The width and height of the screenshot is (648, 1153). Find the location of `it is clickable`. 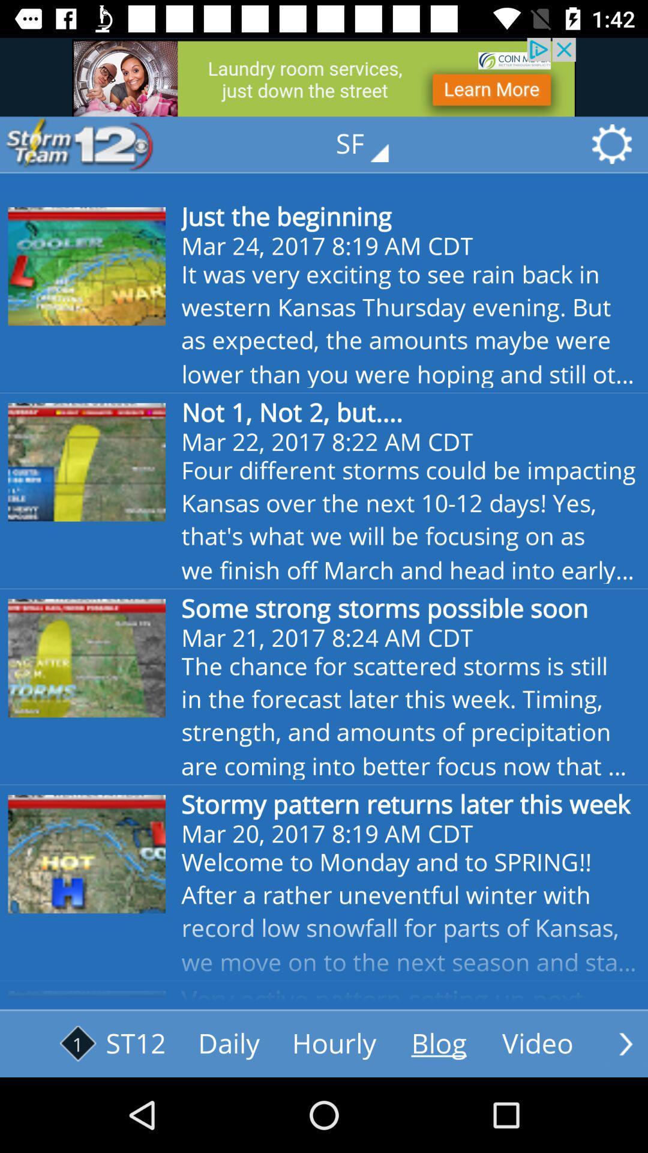

it is clickable is located at coordinates (537, 1043).